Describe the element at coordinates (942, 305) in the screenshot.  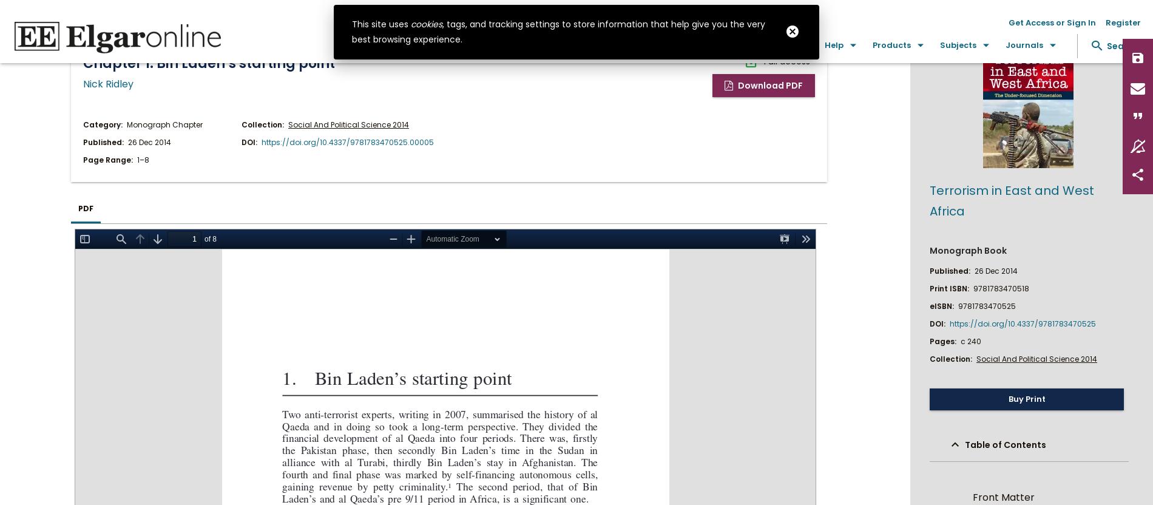
I see `'eISBN:'` at that location.